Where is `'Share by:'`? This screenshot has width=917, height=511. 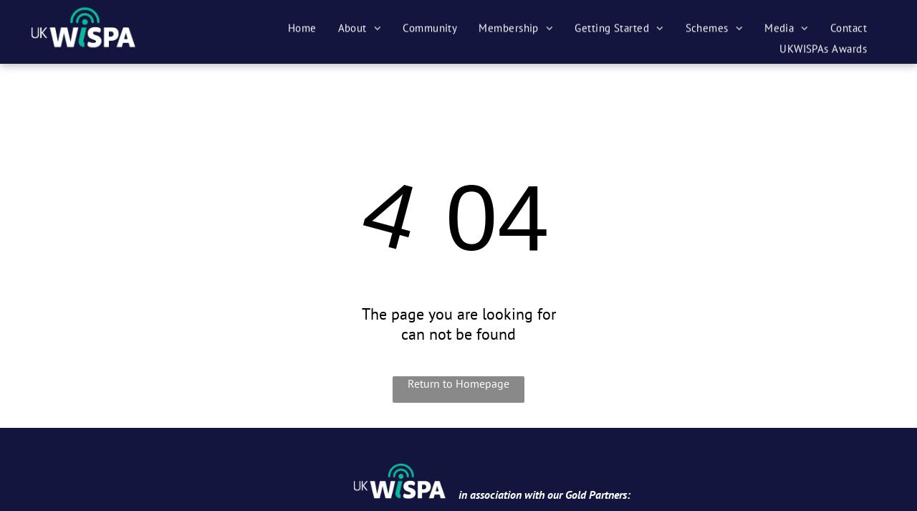
'Share by:' is located at coordinates (58, 36).